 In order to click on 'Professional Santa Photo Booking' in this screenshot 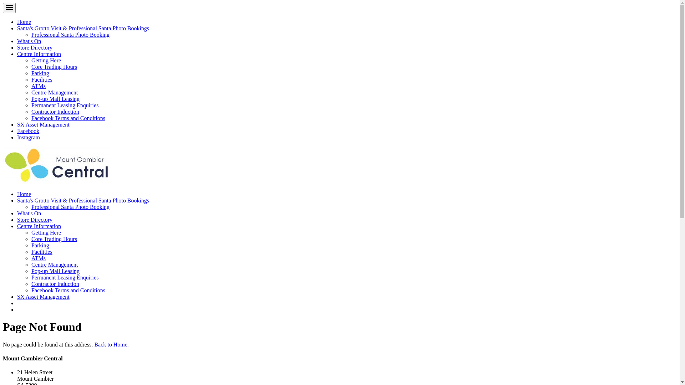, I will do `click(70, 35)`.